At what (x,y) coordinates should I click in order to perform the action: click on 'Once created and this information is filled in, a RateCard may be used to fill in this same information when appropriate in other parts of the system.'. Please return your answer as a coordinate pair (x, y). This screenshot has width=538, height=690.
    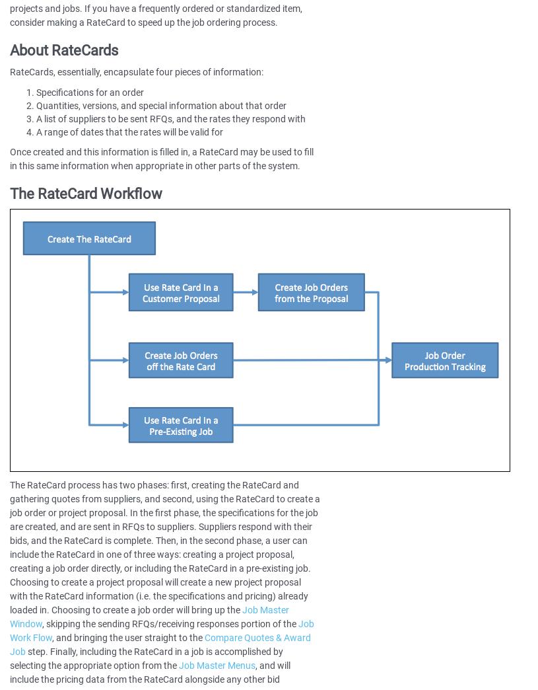
    Looking at the image, I should click on (161, 159).